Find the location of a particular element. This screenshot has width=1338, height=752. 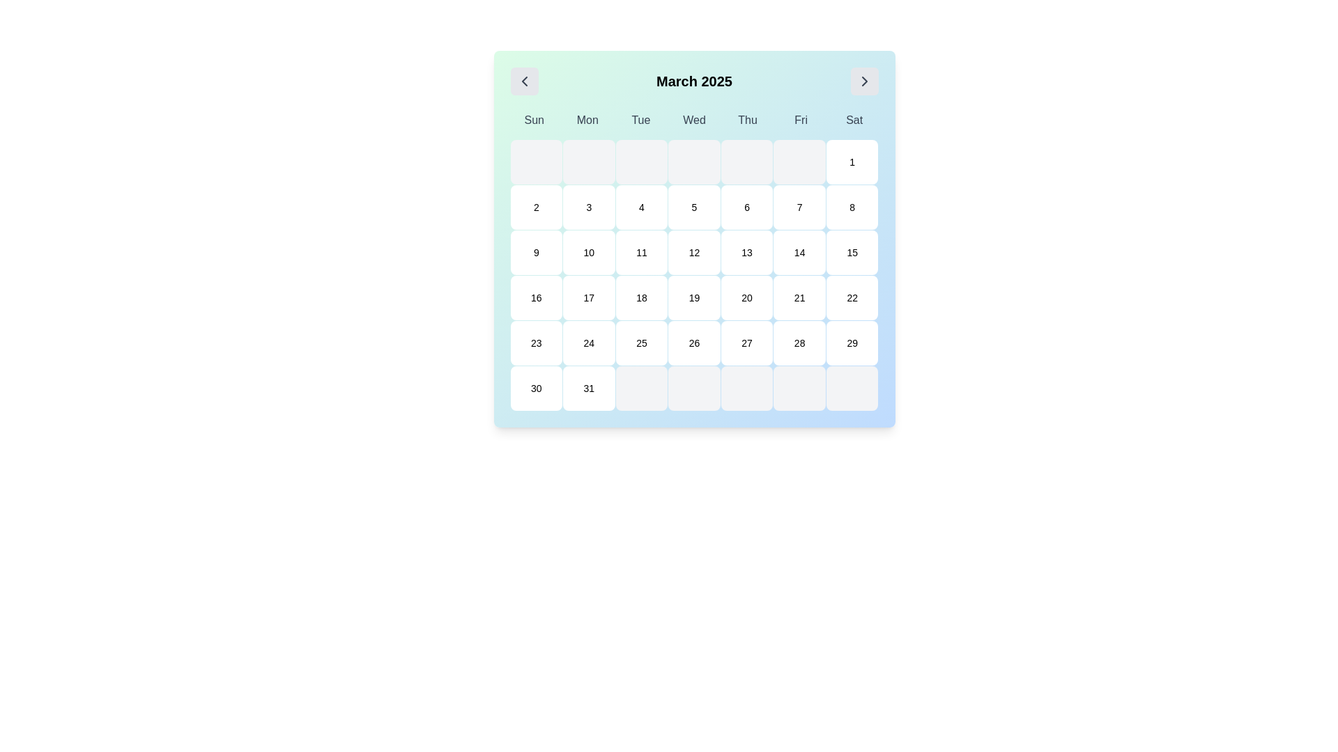

the last cell in the last row of the calendar grid, located in the bottom-right corner of the calendar interface is located at coordinates (852, 389).